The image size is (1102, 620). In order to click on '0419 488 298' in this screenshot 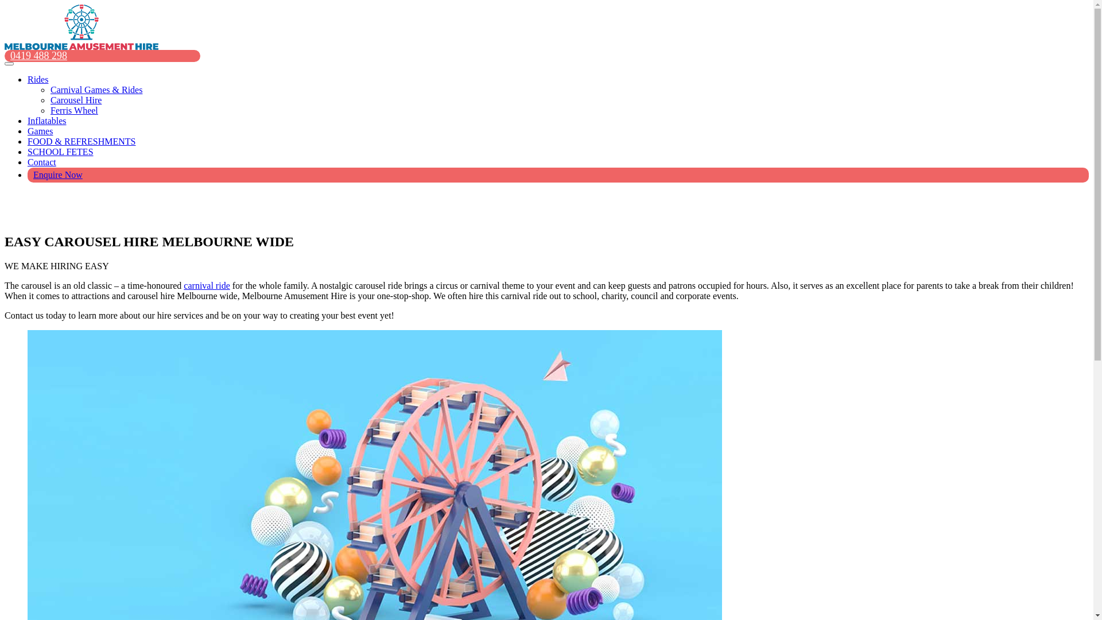, I will do `click(38, 55)`.